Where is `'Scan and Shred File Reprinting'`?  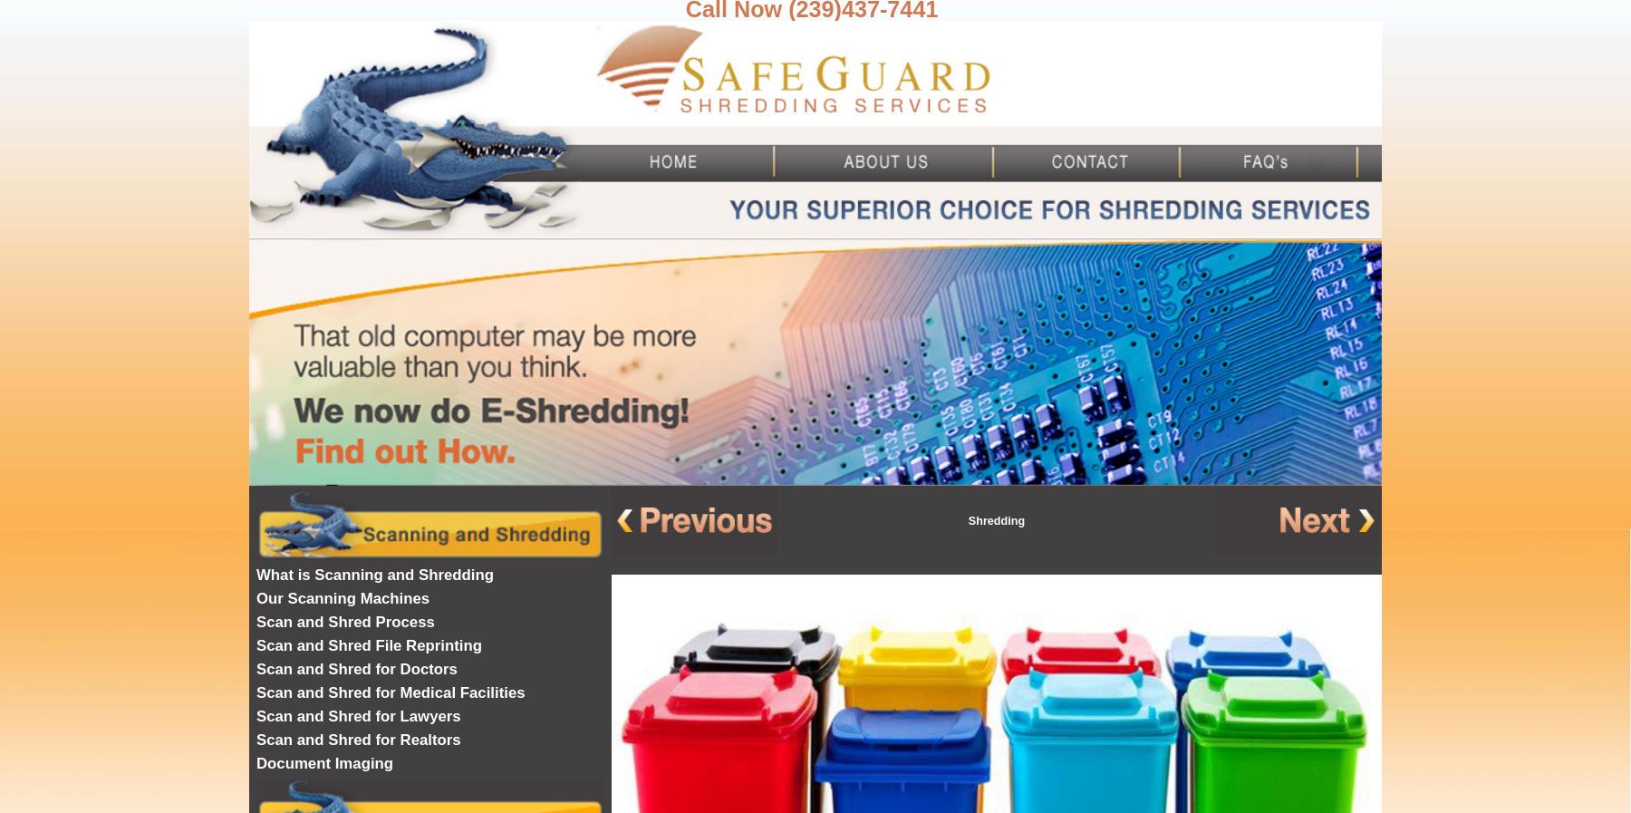 'Scan and Shred File Reprinting' is located at coordinates (368, 645).